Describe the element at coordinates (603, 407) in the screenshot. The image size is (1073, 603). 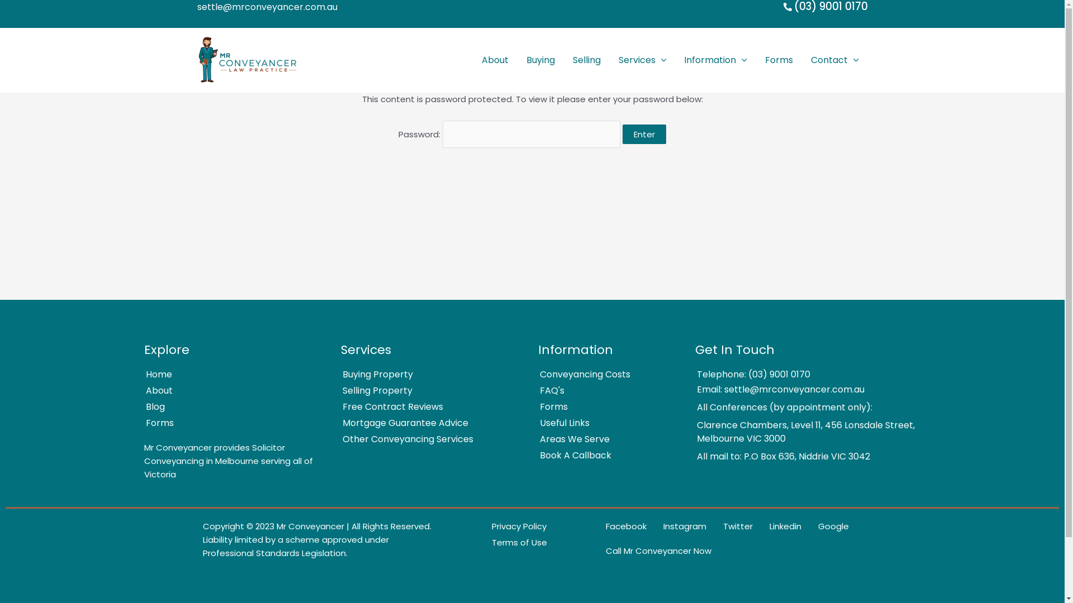
I see `'Forms'` at that location.